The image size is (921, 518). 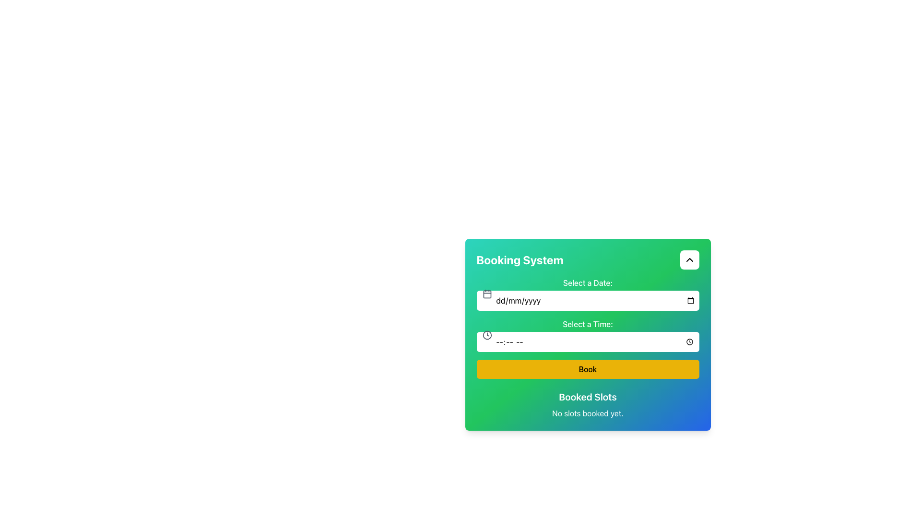 What do you see at coordinates (689, 260) in the screenshot?
I see `the rectangular button with a white background and a black chevron icon pointing upwards` at bounding box center [689, 260].